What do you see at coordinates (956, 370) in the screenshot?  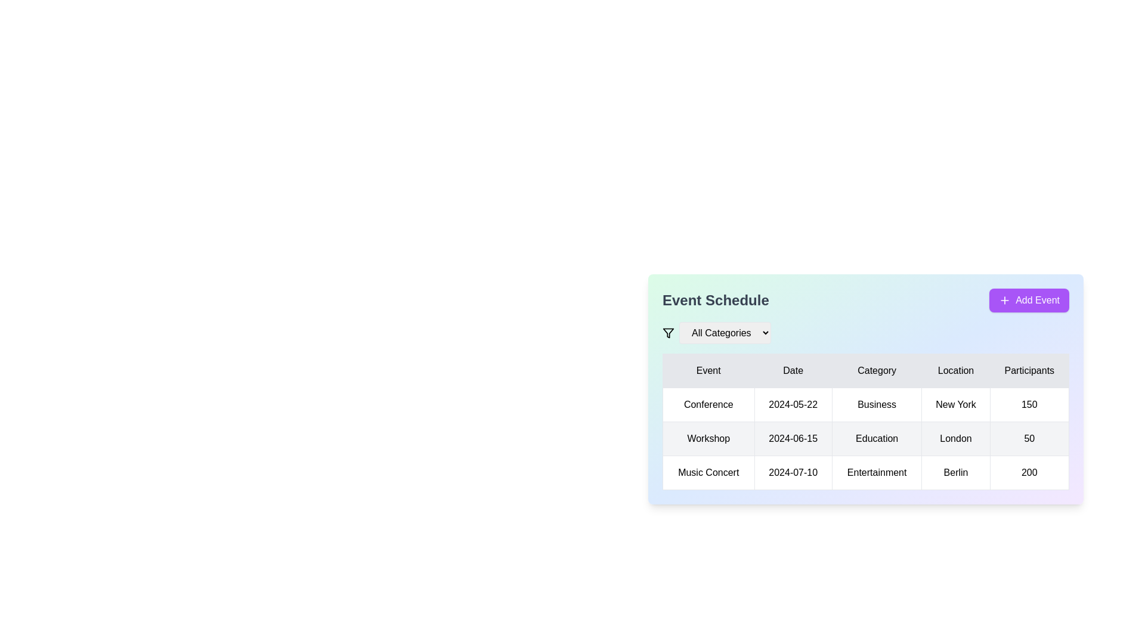 I see `the fourth table header indicating location details associated with events in the Event Schedule section` at bounding box center [956, 370].